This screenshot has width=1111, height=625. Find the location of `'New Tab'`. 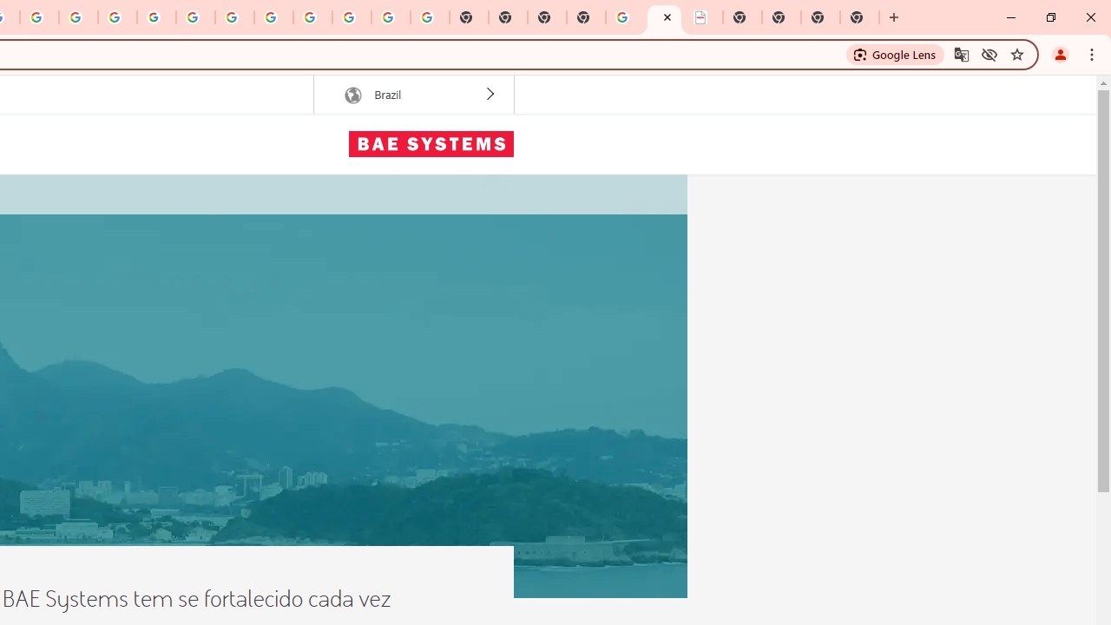

'New Tab' is located at coordinates (859, 17).